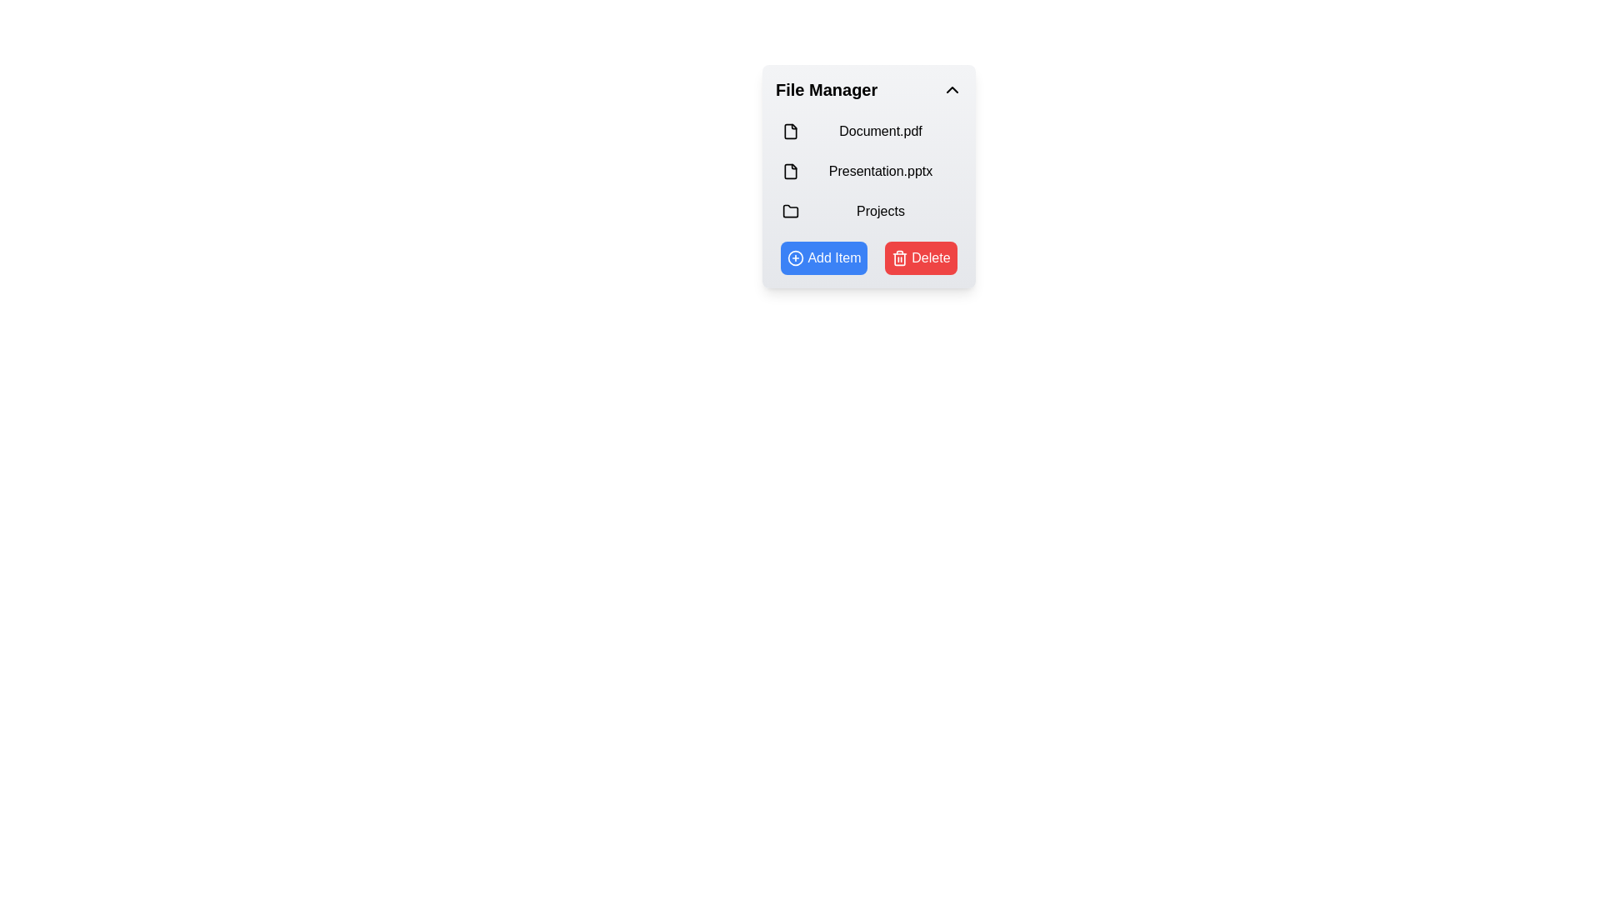  What do you see at coordinates (867, 211) in the screenshot?
I see `the third item in the vertical list within the 'File Manager' section` at bounding box center [867, 211].